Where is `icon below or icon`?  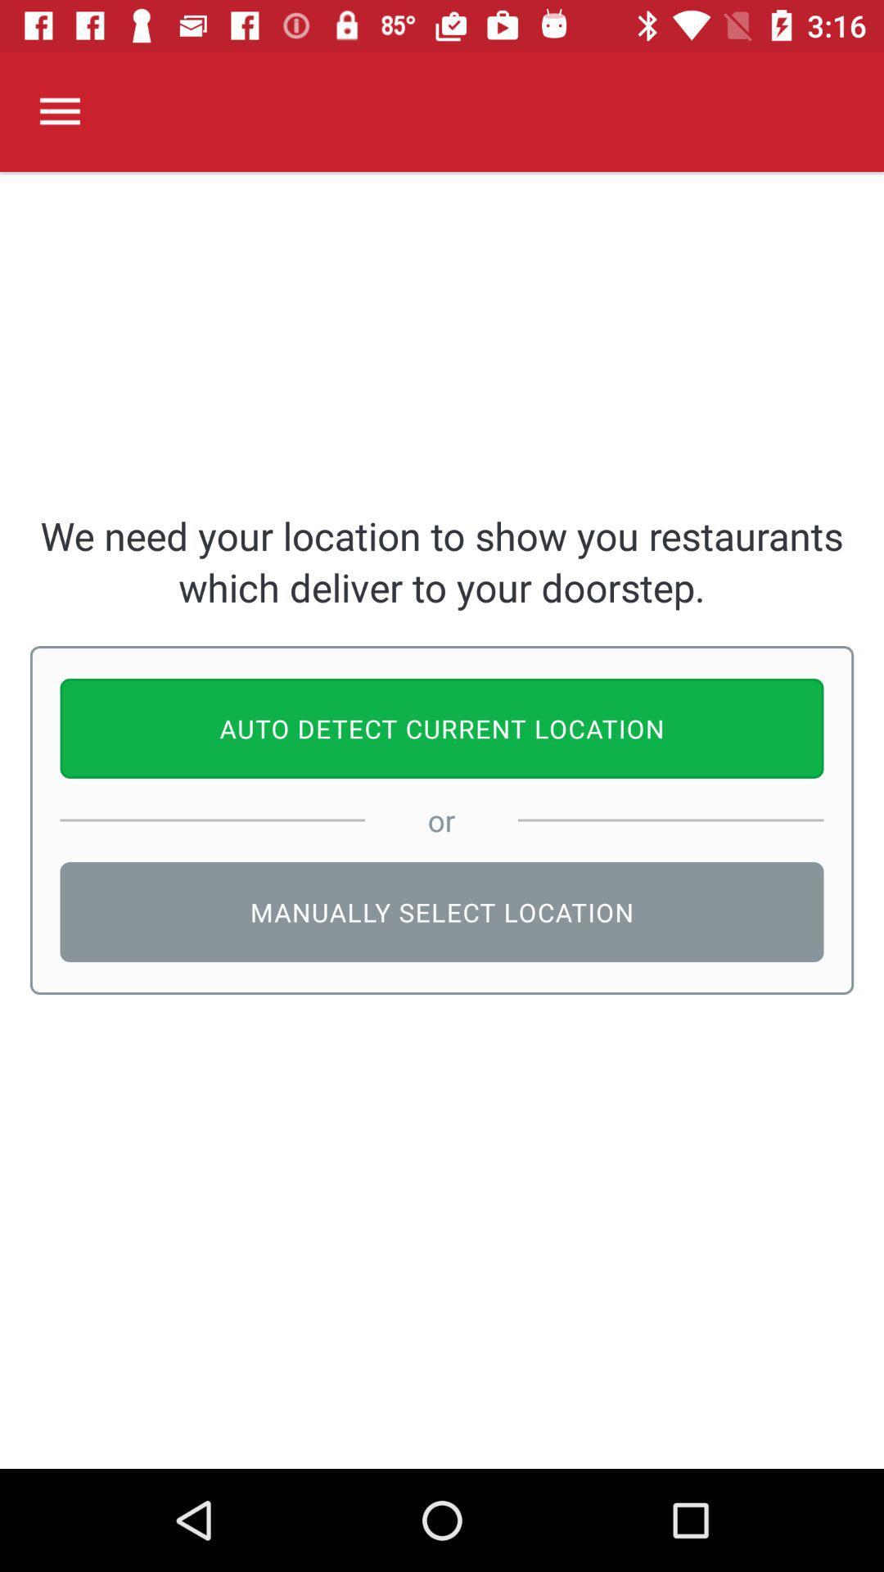 icon below or icon is located at coordinates (442, 911).